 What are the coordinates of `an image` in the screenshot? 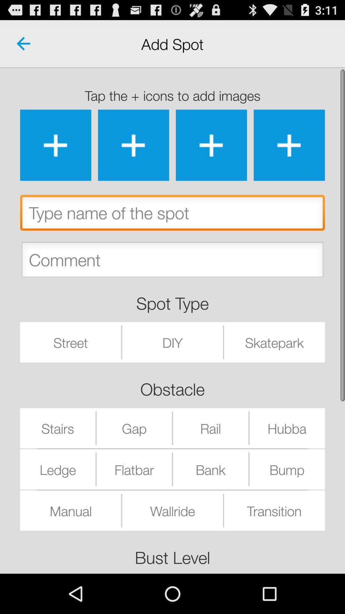 It's located at (289, 145).